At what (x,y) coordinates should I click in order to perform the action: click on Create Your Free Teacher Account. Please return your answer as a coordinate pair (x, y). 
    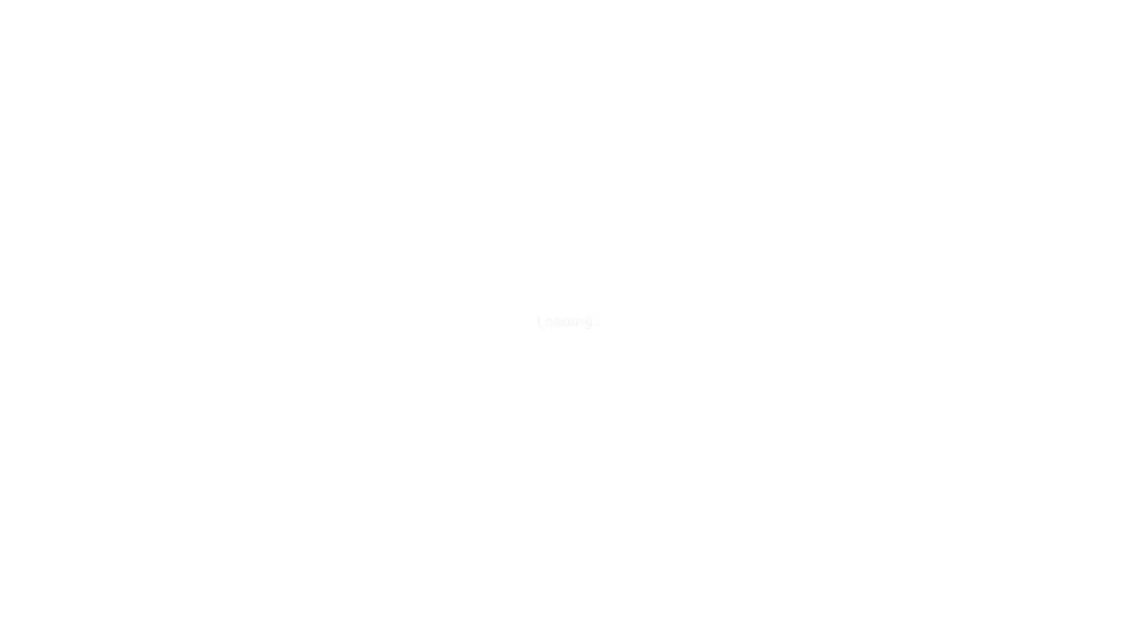
    Looking at the image, I should click on (406, 203).